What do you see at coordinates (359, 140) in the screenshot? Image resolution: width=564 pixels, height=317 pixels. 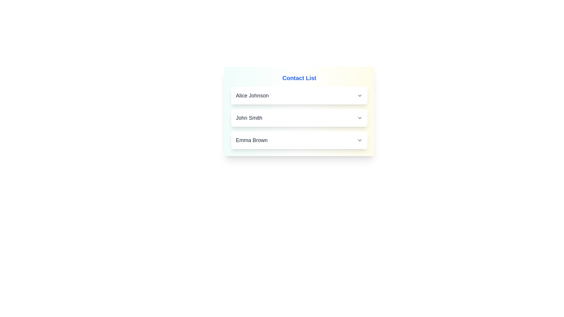 I see `the interactive icon associated with Emma Brown` at bounding box center [359, 140].